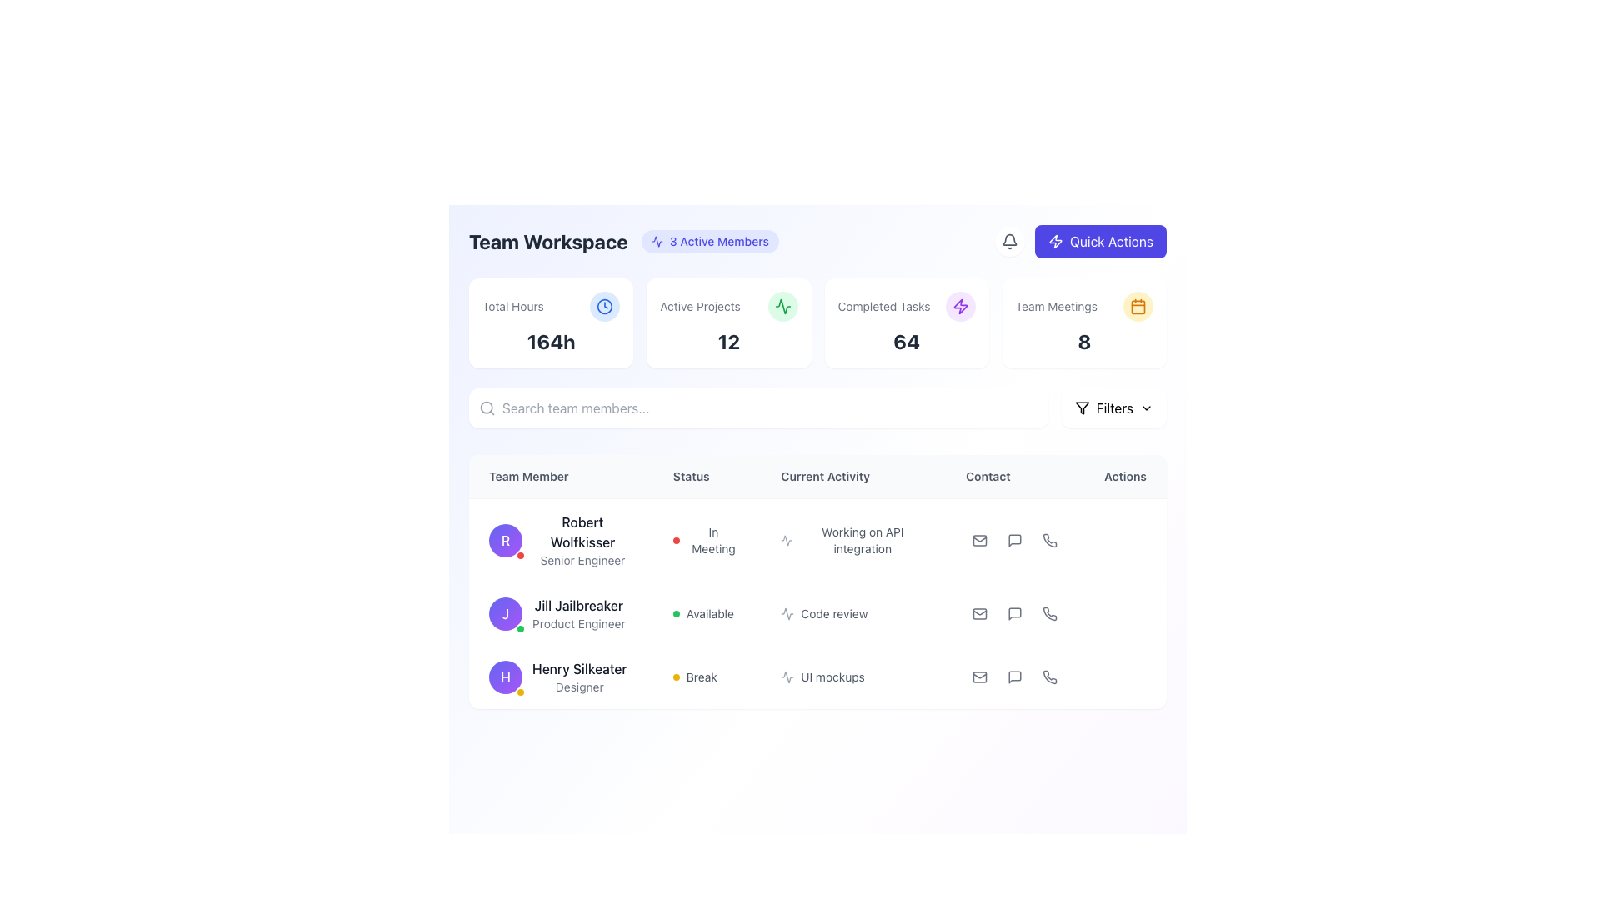 This screenshot has height=900, width=1600. What do you see at coordinates (710, 241) in the screenshot?
I see `the informational label element displaying '3 Active Members' with a light indigo background, located to the right of 'Team Workspace'` at bounding box center [710, 241].